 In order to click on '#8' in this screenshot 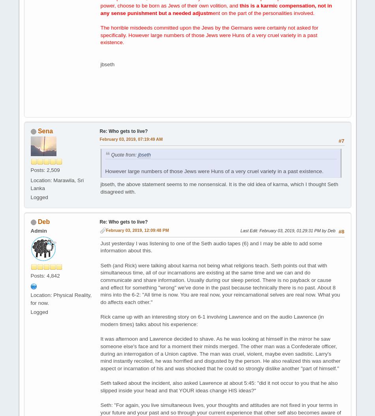, I will do `click(341, 231)`.